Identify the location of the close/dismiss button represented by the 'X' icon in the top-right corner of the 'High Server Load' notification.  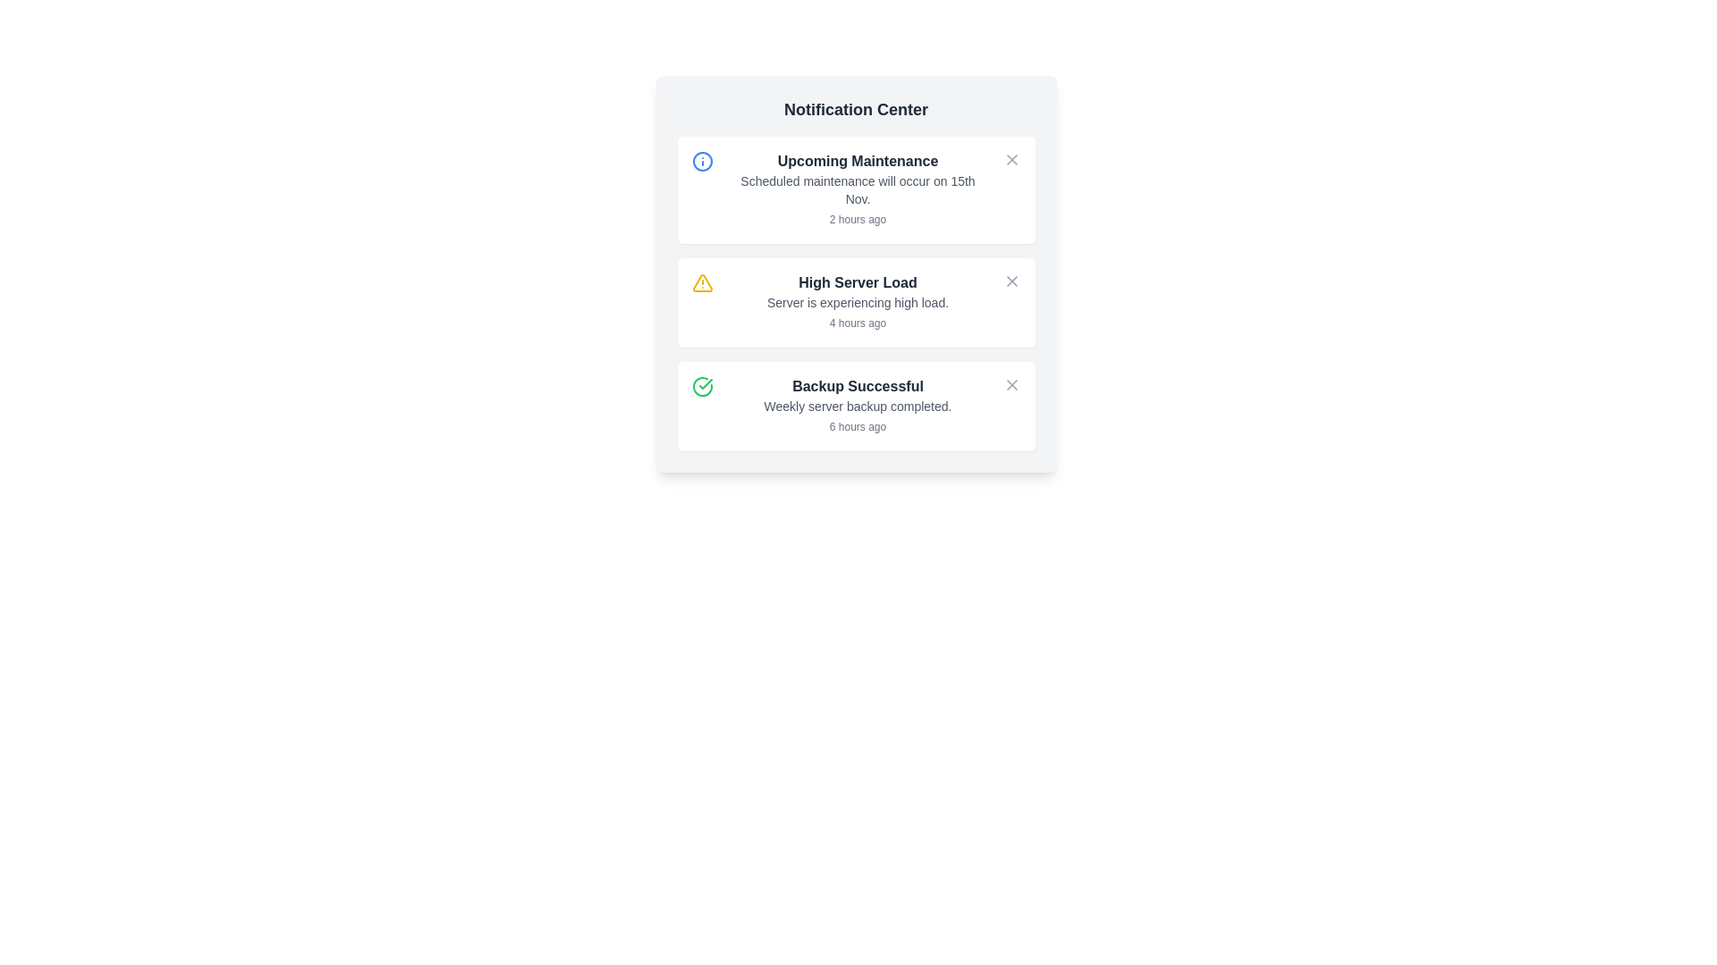
(1011, 281).